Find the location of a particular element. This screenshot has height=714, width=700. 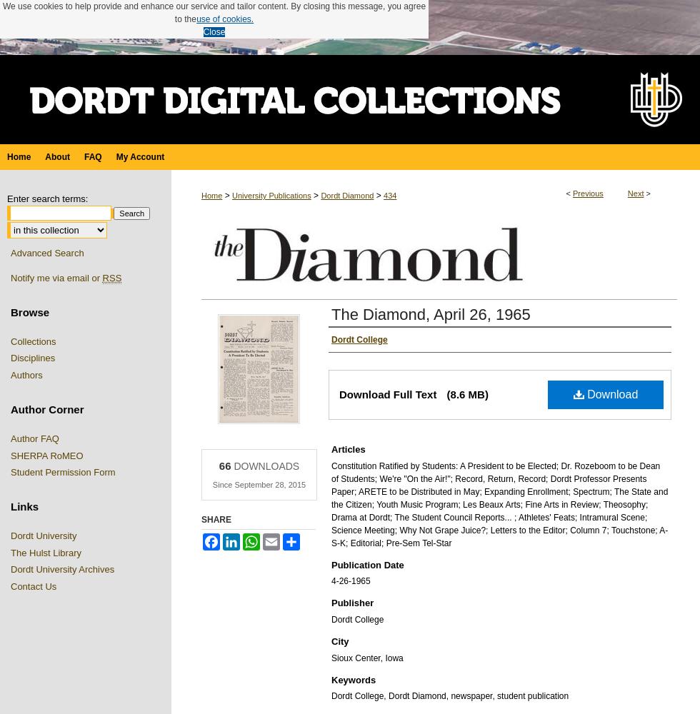

'Close' is located at coordinates (214, 32).